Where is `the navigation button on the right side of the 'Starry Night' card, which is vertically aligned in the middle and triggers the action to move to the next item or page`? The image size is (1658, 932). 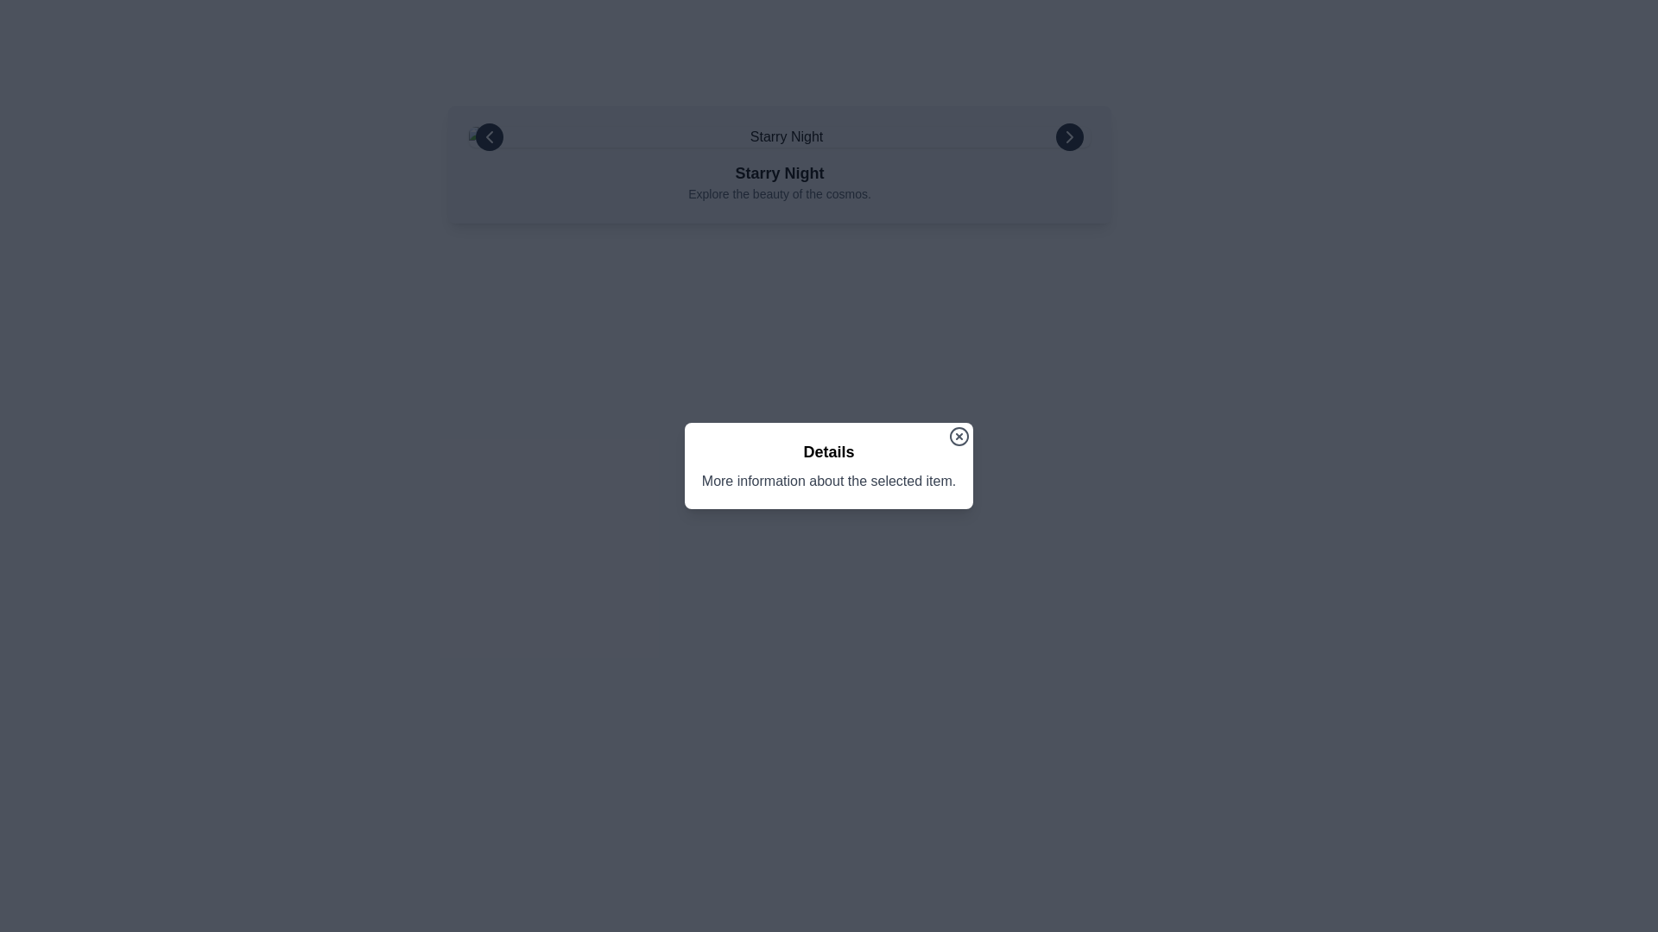
the navigation button on the right side of the 'Starry Night' card, which is vertically aligned in the middle and triggers the action to move to the next item or page is located at coordinates (1068, 135).